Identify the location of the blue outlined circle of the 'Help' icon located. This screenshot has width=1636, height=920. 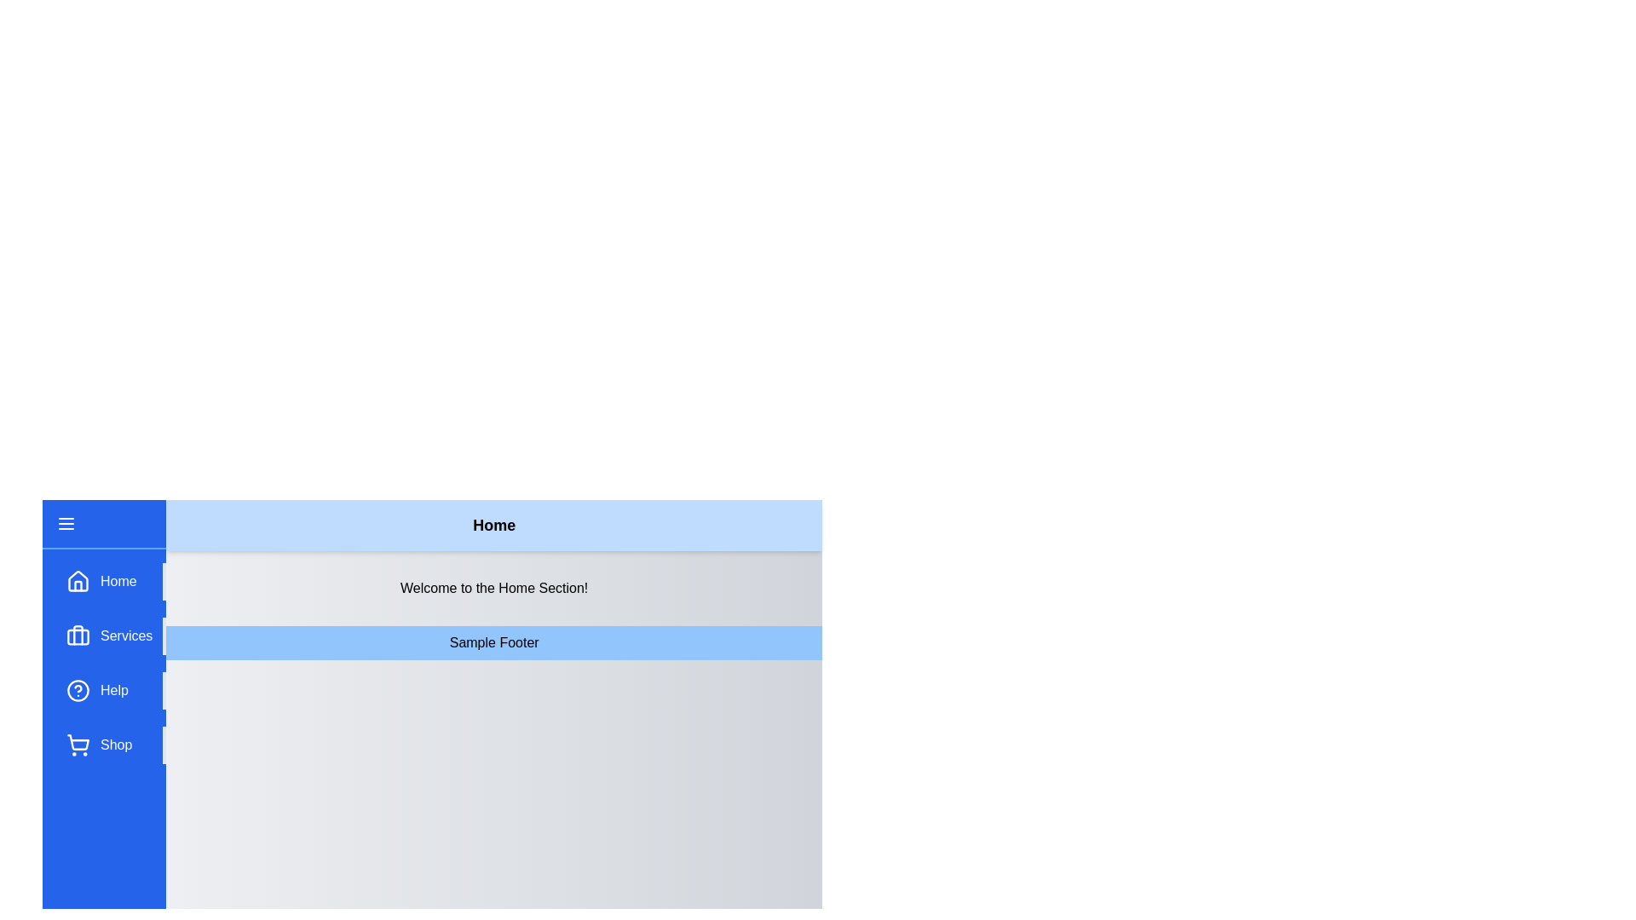
(77, 690).